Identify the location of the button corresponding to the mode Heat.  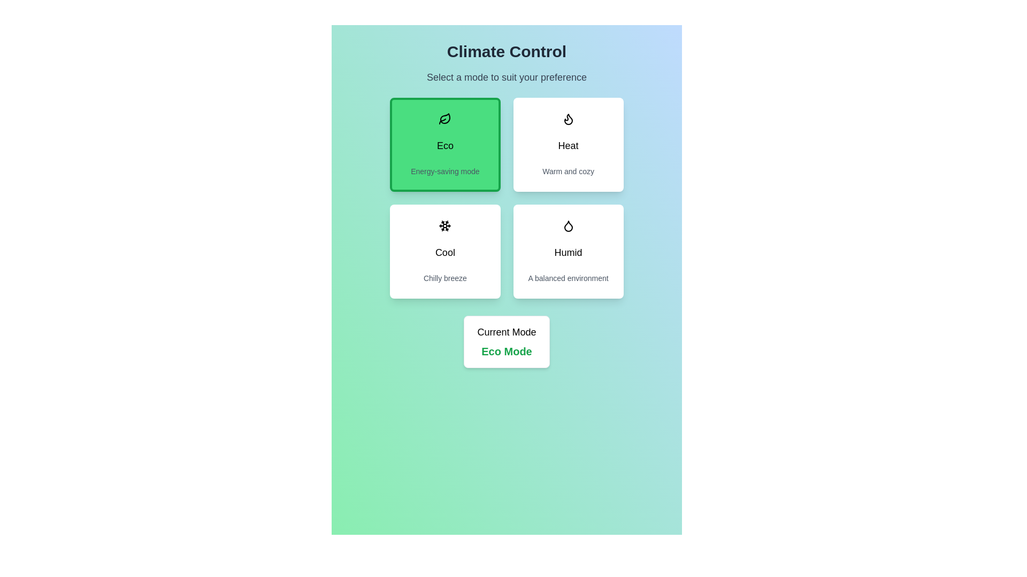
(567, 144).